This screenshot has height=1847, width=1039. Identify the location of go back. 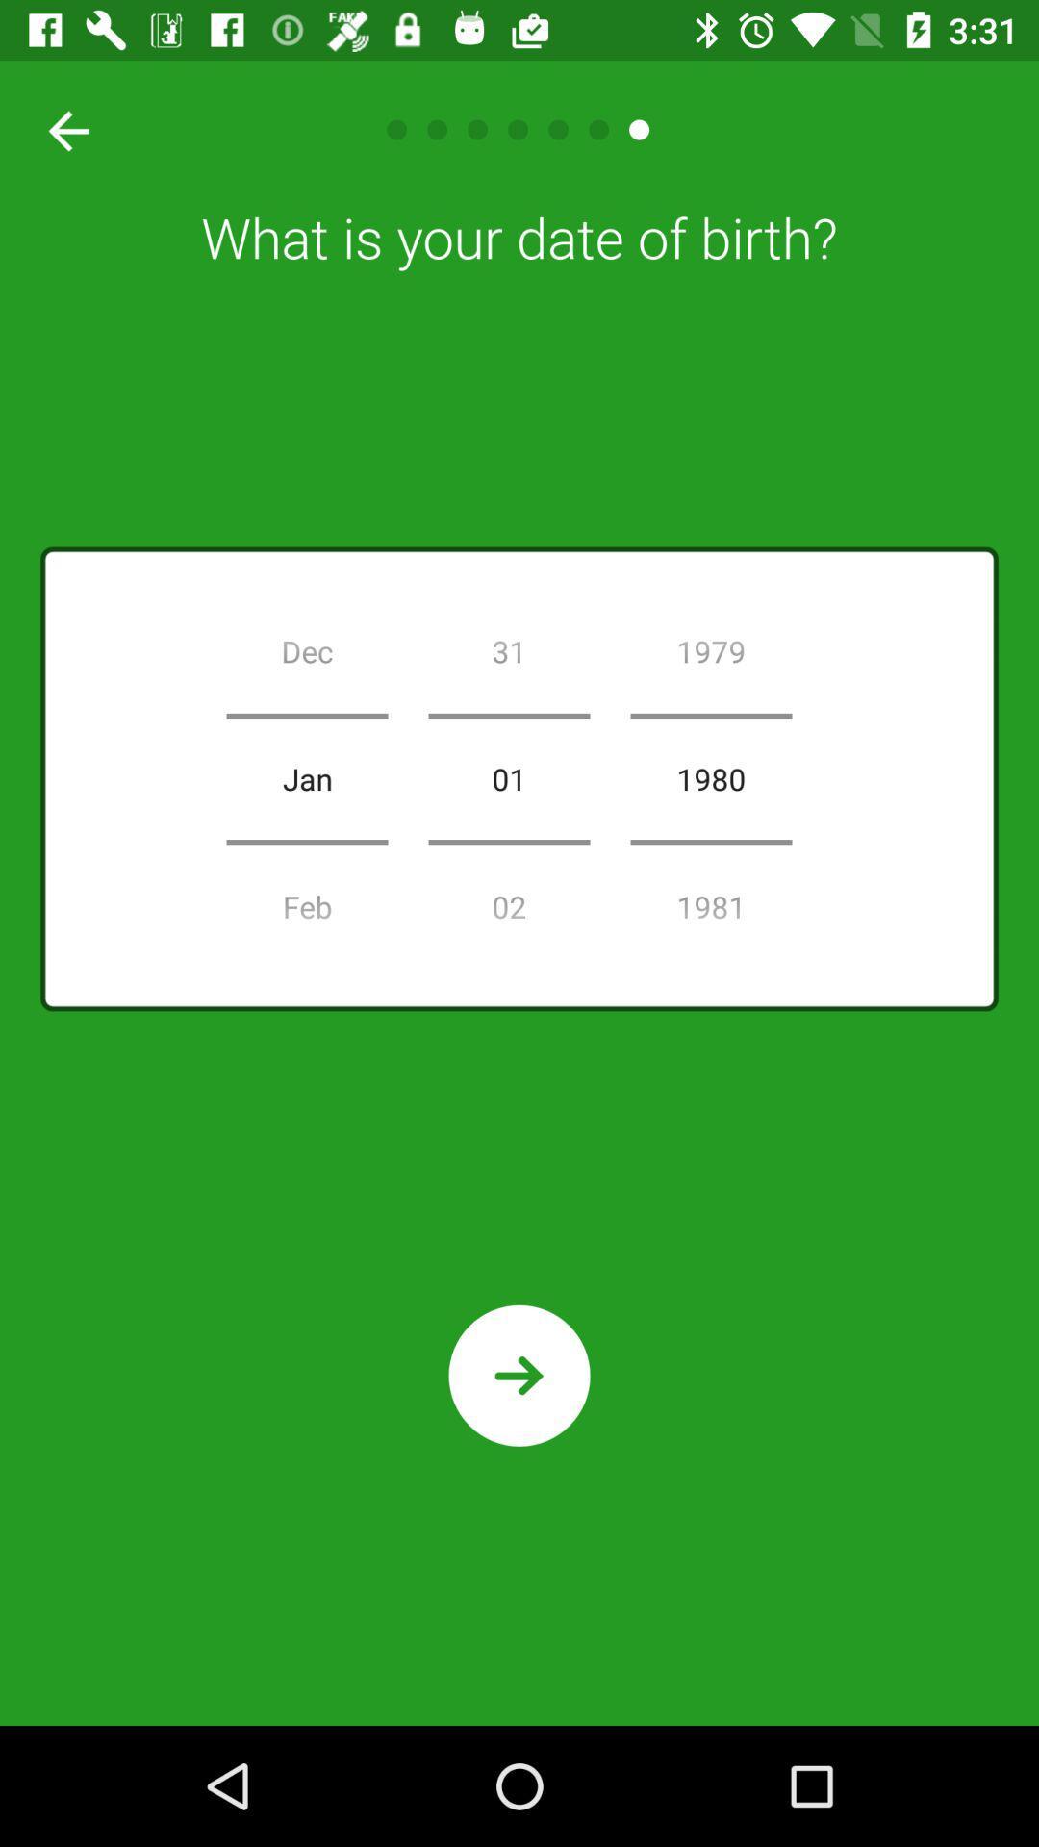
(61, 129).